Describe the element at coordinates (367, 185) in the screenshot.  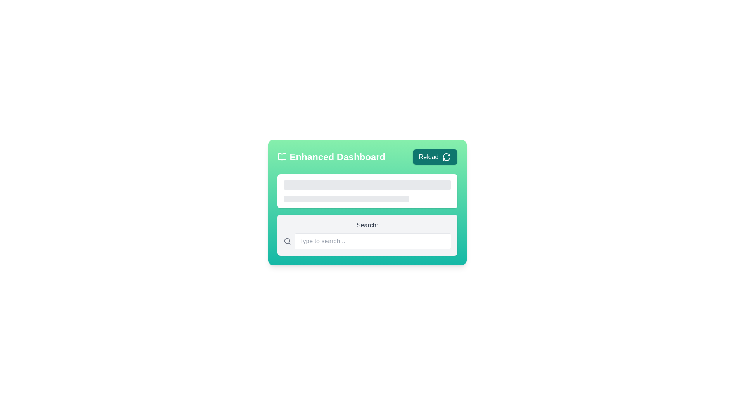
I see `the static visual placeholder element that serves as a loading indicator, positioned centrally above a smaller rectangular bar` at that location.